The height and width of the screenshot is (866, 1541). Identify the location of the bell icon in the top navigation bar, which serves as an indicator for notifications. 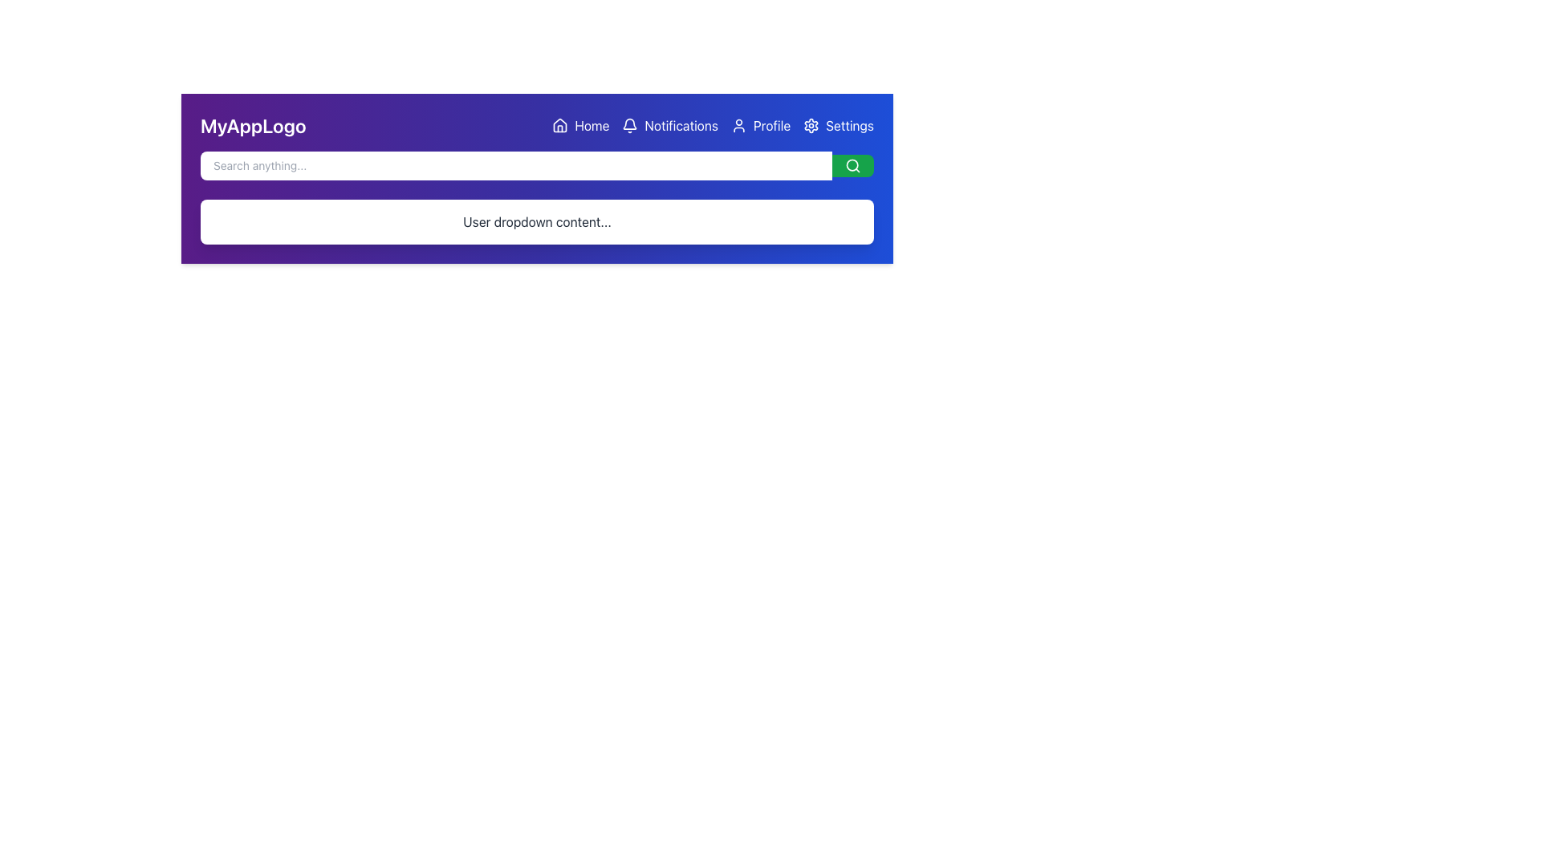
(629, 123).